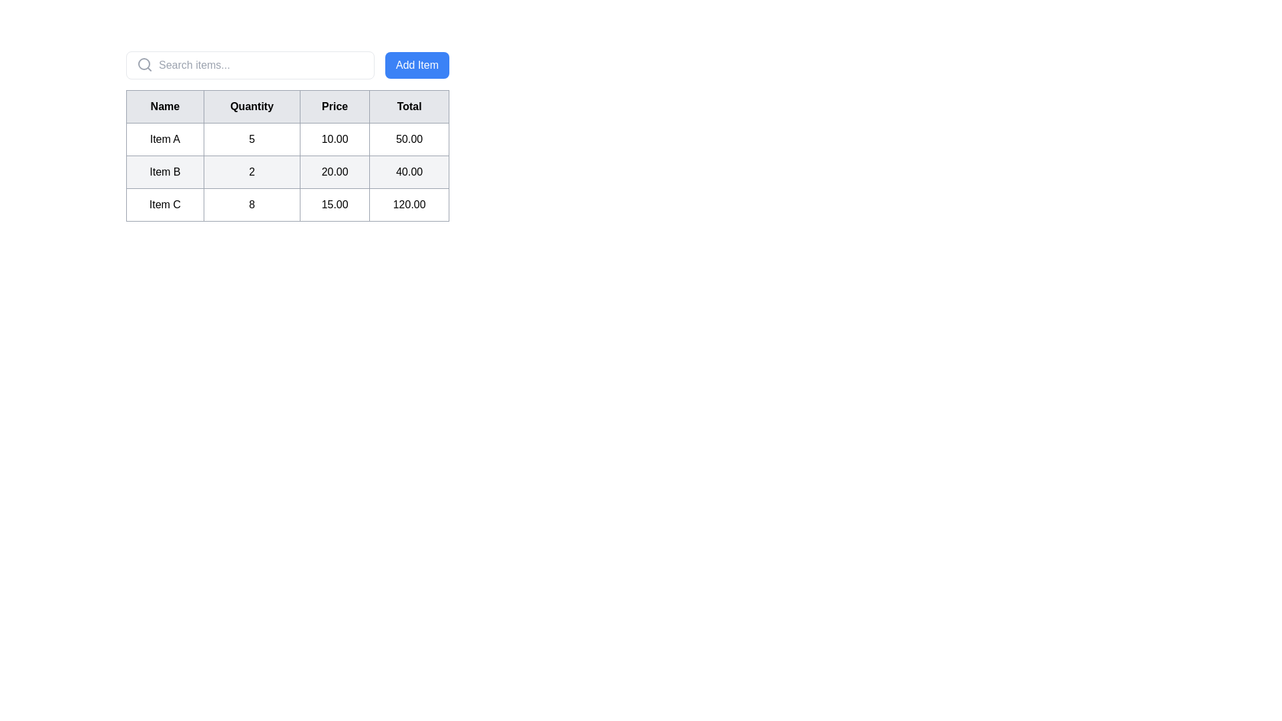  I want to click on the cell displaying the number '5' in the 'Quantity' column for 'Item A', which is visually clear and bold, and located within a bordered rectangular cell, so click(252, 139).